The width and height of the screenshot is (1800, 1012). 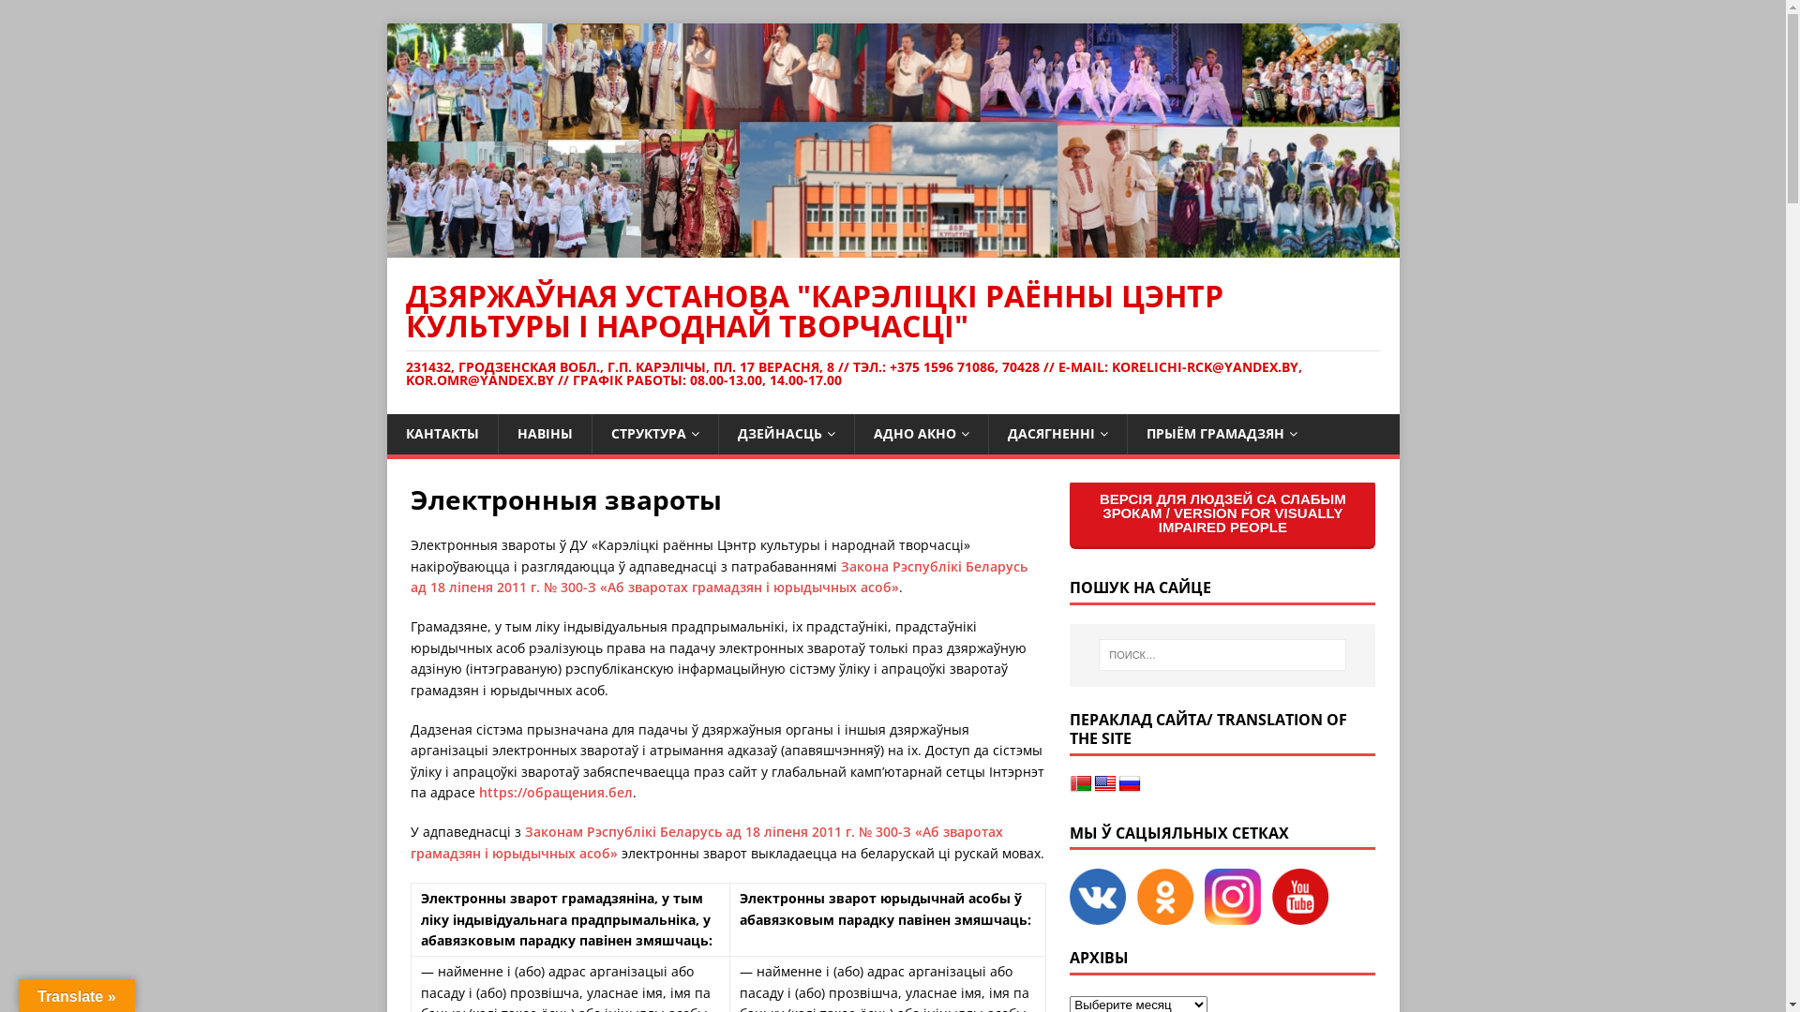 I want to click on 'English', so click(x=1105, y=784).